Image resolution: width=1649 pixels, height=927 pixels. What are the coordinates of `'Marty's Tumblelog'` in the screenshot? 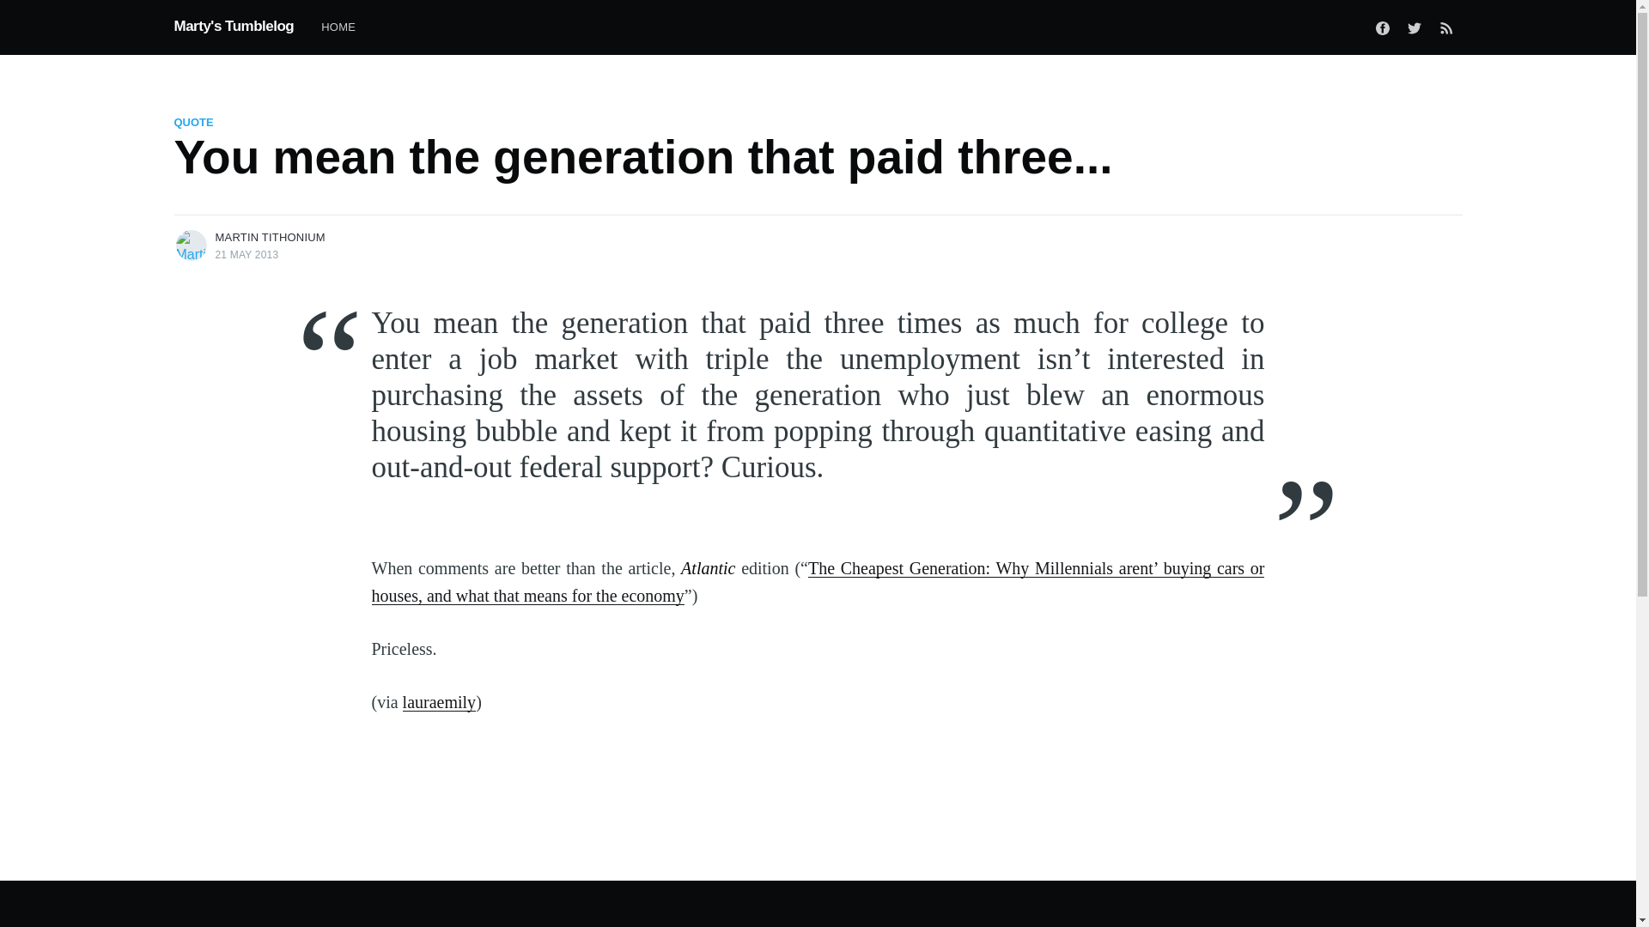 It's located at (233, 26).